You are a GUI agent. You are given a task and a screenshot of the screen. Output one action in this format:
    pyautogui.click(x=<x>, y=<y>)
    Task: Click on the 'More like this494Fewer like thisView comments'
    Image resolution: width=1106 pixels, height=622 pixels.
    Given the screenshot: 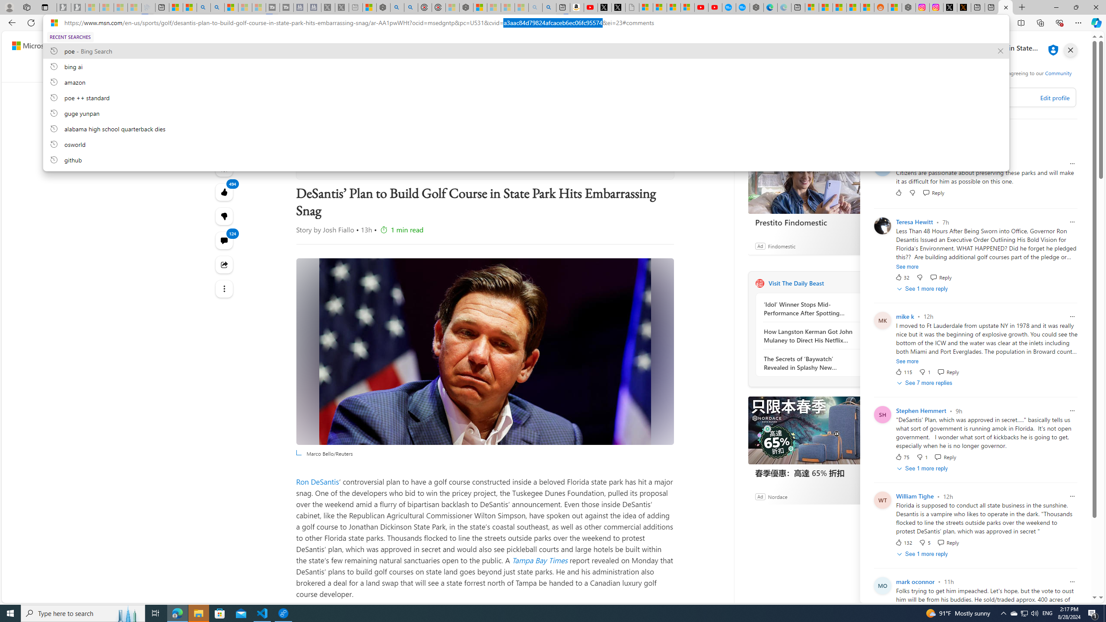 What is the action you would take?
    pyautogui.click(x=224, y=216)
    